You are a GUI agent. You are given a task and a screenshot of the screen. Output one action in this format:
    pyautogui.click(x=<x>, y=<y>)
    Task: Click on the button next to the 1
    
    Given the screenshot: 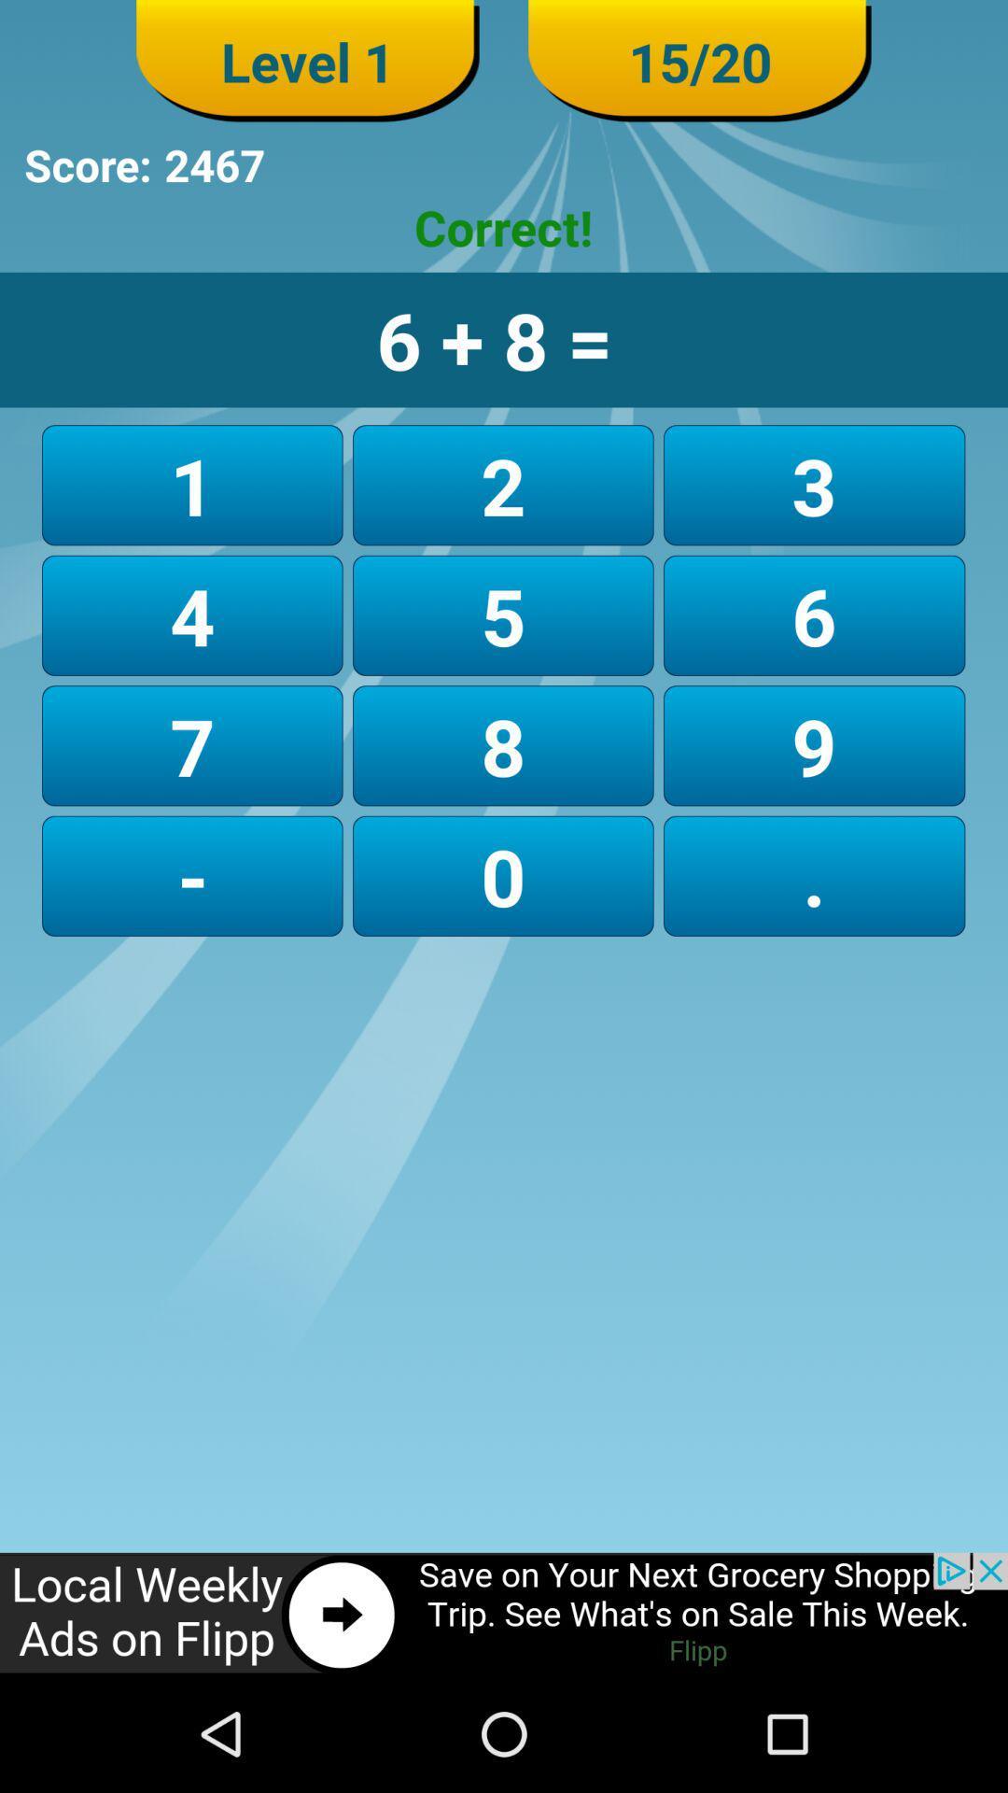 What is the action you would take?
    pyautogui.click(x=502, y=615)
    